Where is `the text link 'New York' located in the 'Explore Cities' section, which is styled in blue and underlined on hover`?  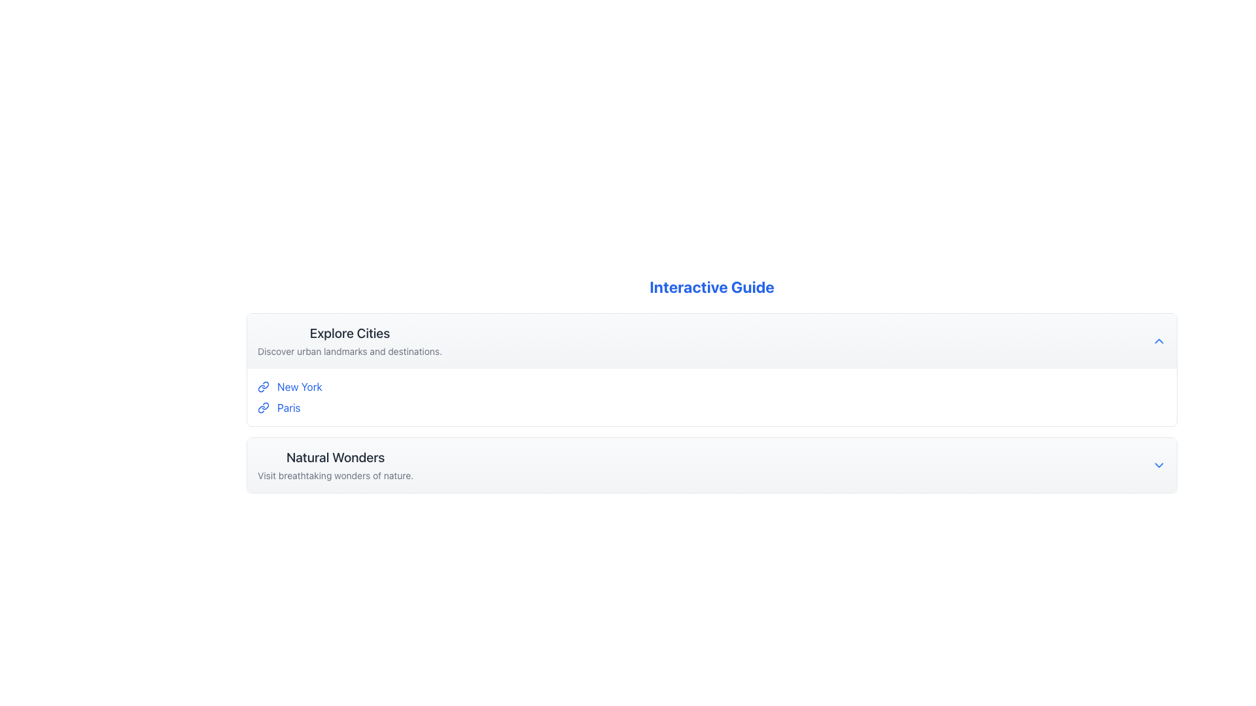
the text link 'New York' located in the 'Explore Cities' section, which is styled in blue and underlined on hover is located at coordinates (299, 386).